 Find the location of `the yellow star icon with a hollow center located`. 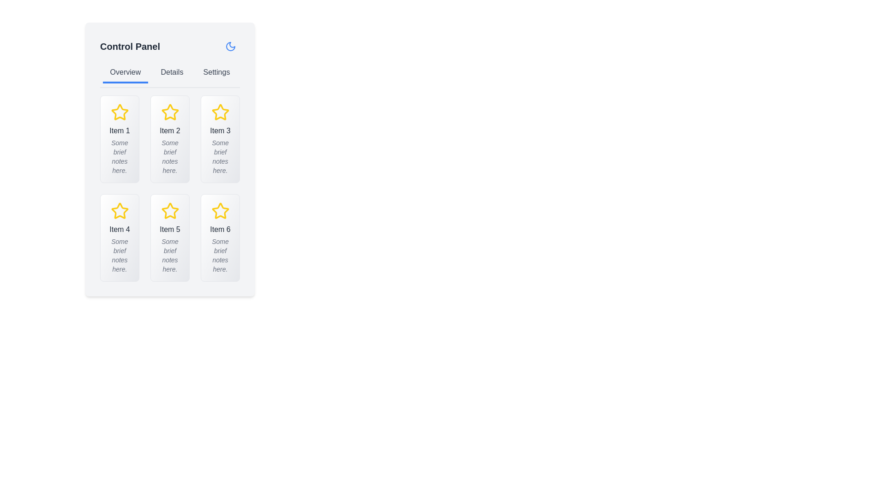

the yellow star icon with a hollow center located is located at coordinates (170, 210).